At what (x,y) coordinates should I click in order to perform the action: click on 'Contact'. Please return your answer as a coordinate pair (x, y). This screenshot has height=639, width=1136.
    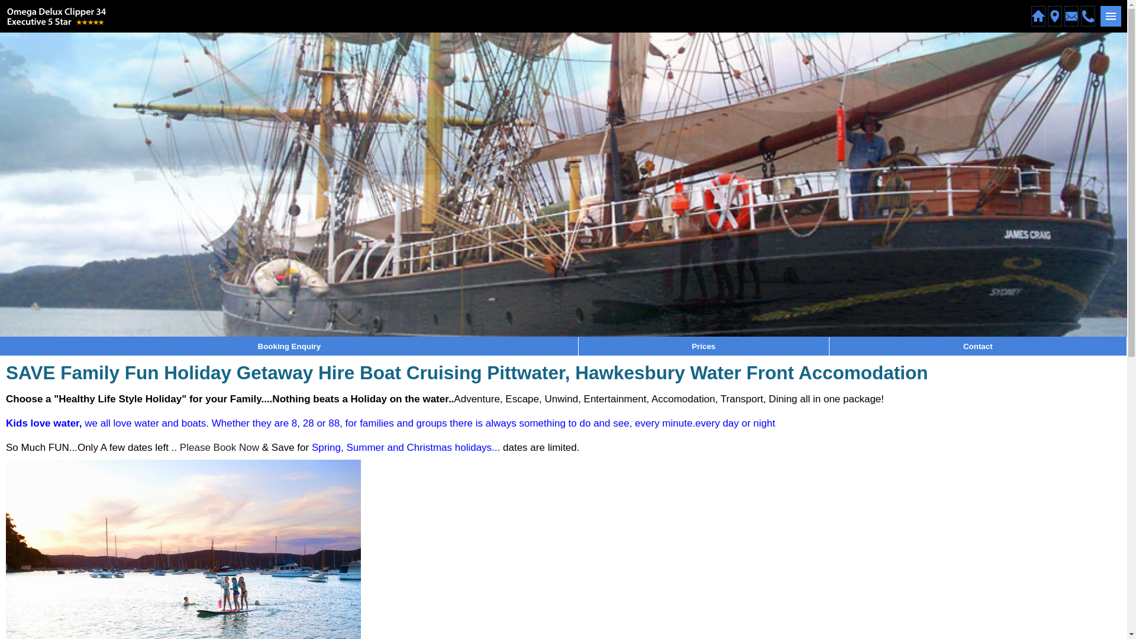
    Looking at the image, I should click on (963, 346).